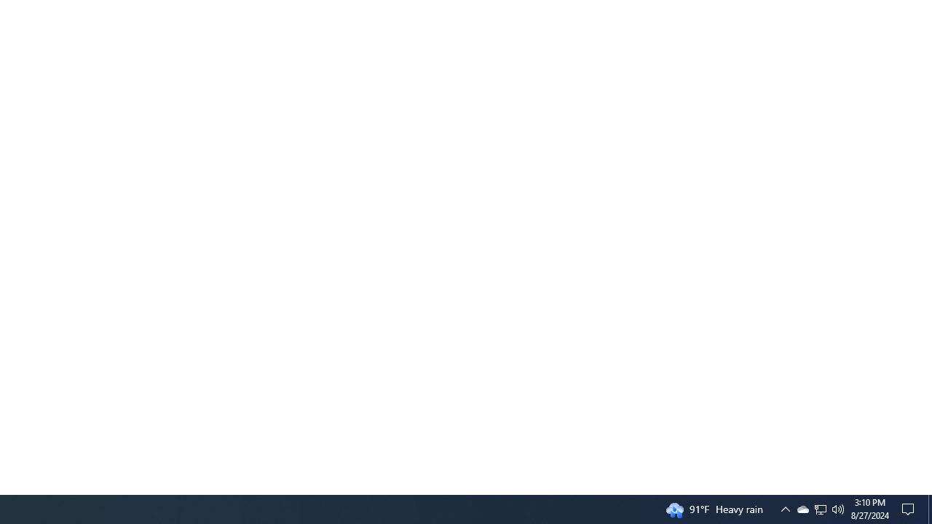 The width and height of the screenshot is (932, 524). What do you see at coordinates (838, 508) in the screenshot?
I see `'Q2790: 100%'` at bounding box center [838, 508].